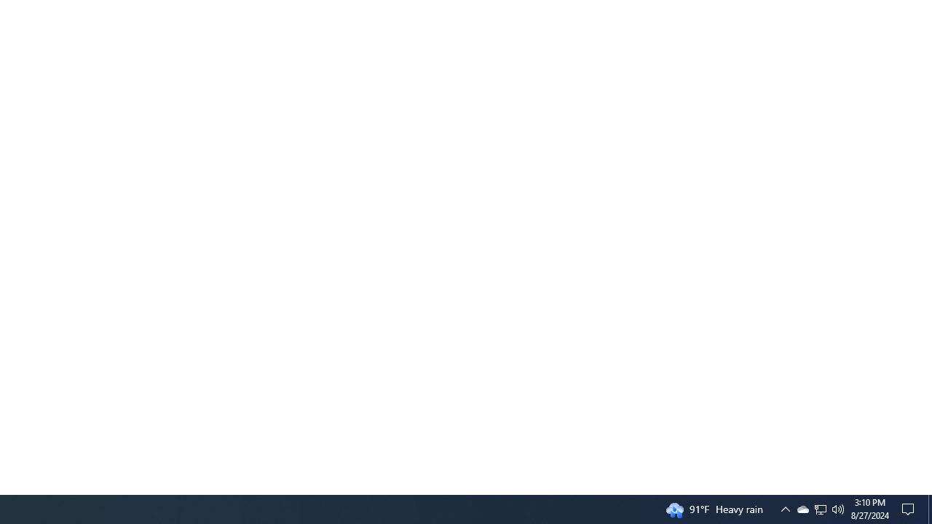 The width and height of the screenshot is (932, 524). What do you see at coordinates (838, 508) in the screenshot?
I see `'Q2790: 100%'` at bounding box center [838, 508].